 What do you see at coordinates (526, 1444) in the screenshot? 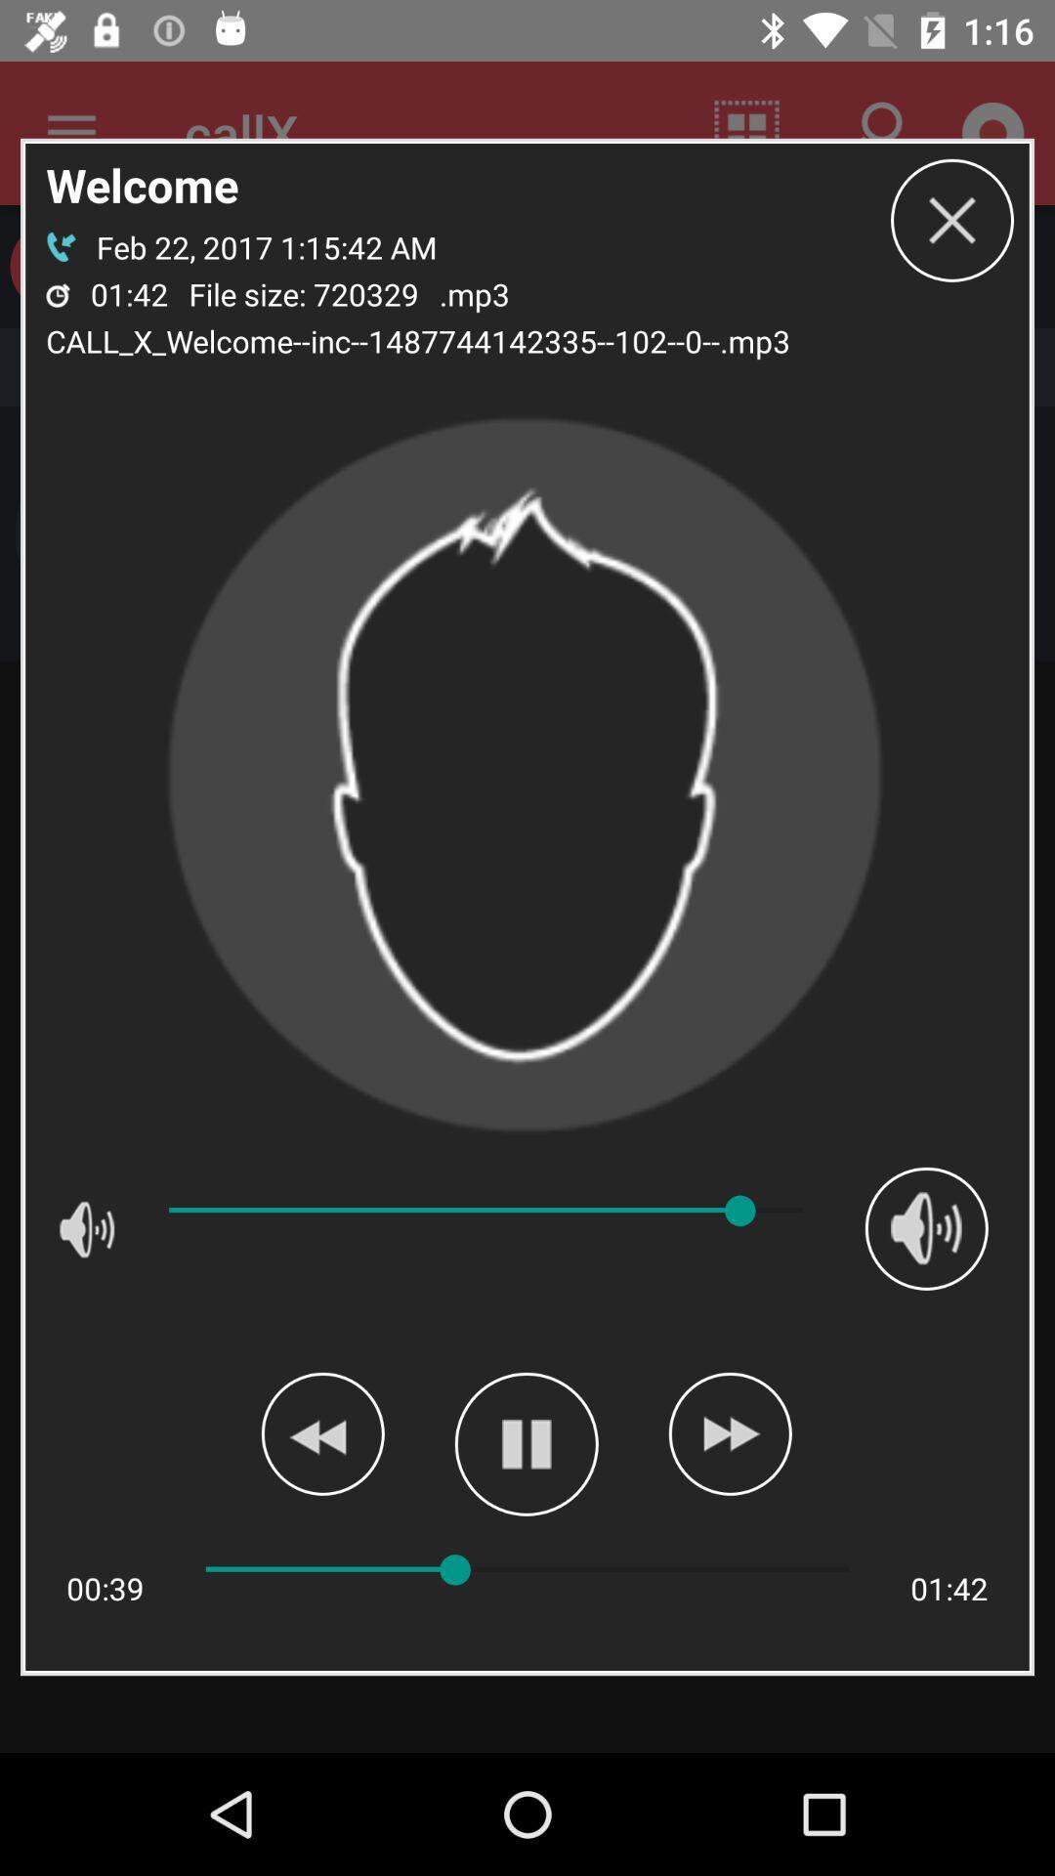
I see `pause audio` at bounding box center [526, 1444].